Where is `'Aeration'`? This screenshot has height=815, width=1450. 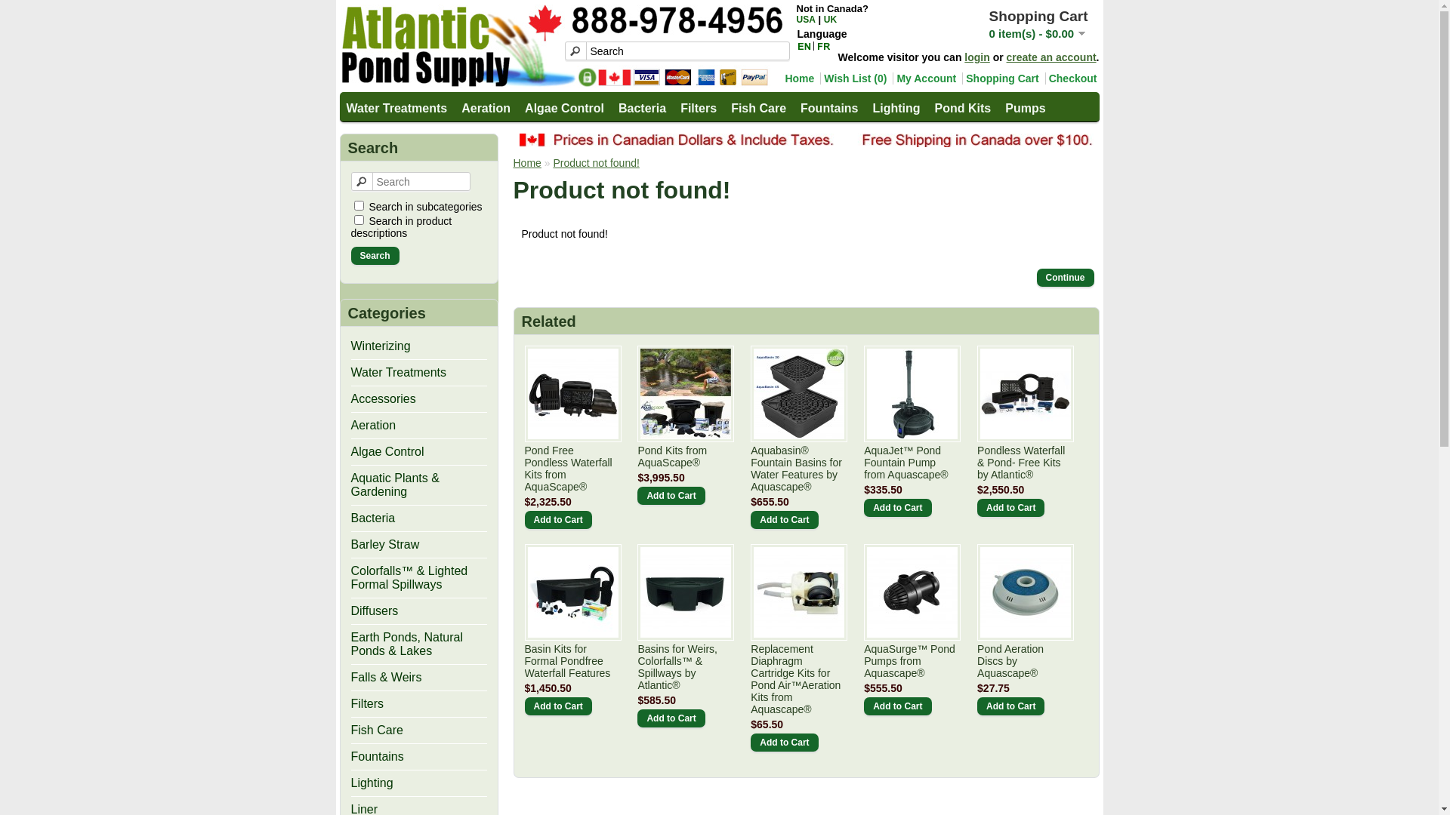
'Aeration' is located at coordinates (485, 106).